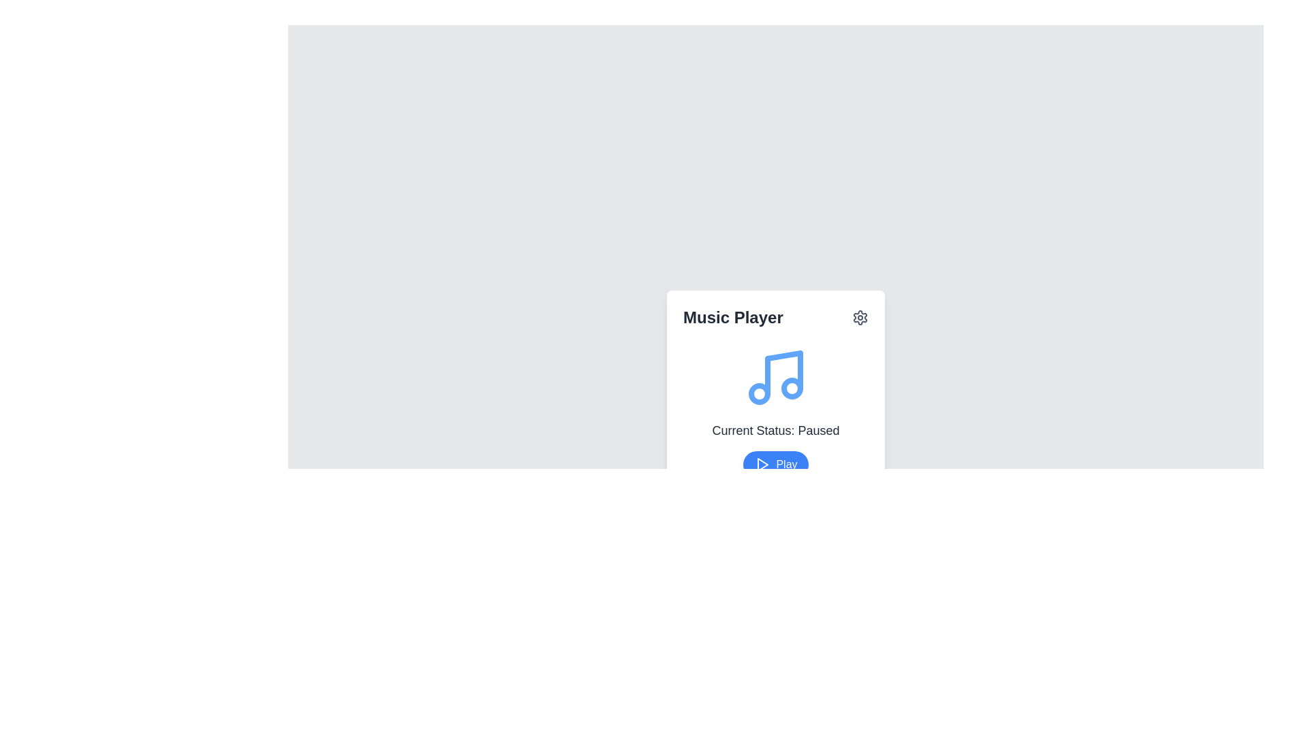 This screenshot has height=735, width=1308. I want to click on the first circular shape in the musical note icon, which represents the body of the note and is positioned to the left of the note's vertical stem, so click(758, 393).